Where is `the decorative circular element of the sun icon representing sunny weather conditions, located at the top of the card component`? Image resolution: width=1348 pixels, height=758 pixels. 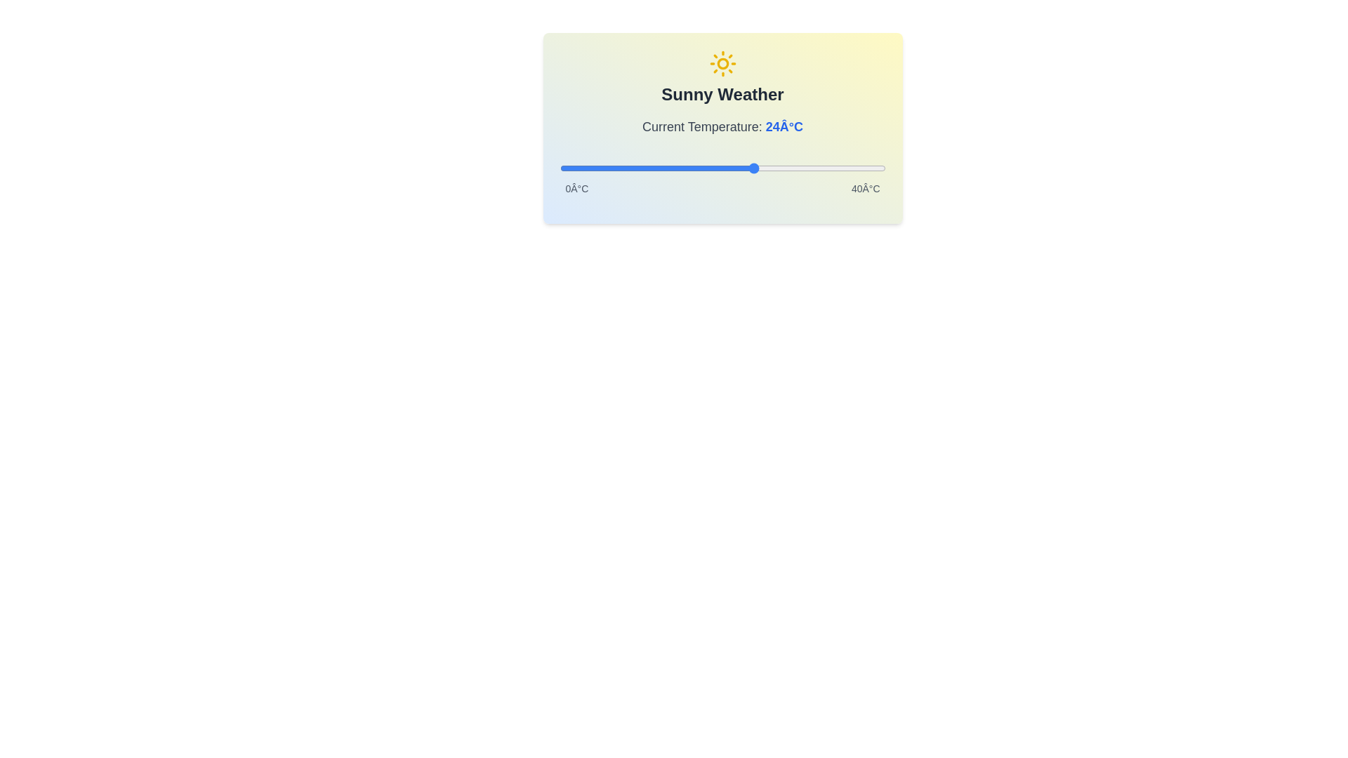
the decorative circular element of the sun icon representing sunny weather conditions, located at the top of the card component is located at coordinates (722, 64).